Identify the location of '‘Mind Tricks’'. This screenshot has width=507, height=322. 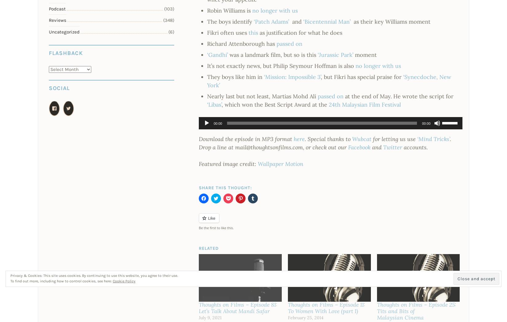
(433, 138).